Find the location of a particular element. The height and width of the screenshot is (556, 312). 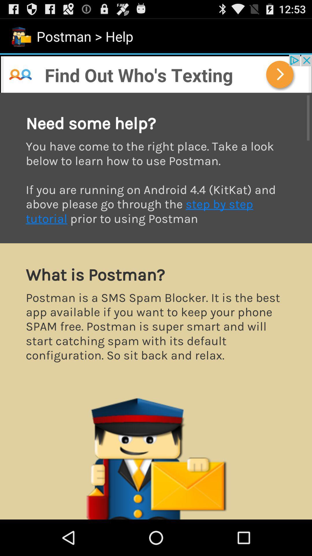

advertisement page is located at coordinates (156, 73).